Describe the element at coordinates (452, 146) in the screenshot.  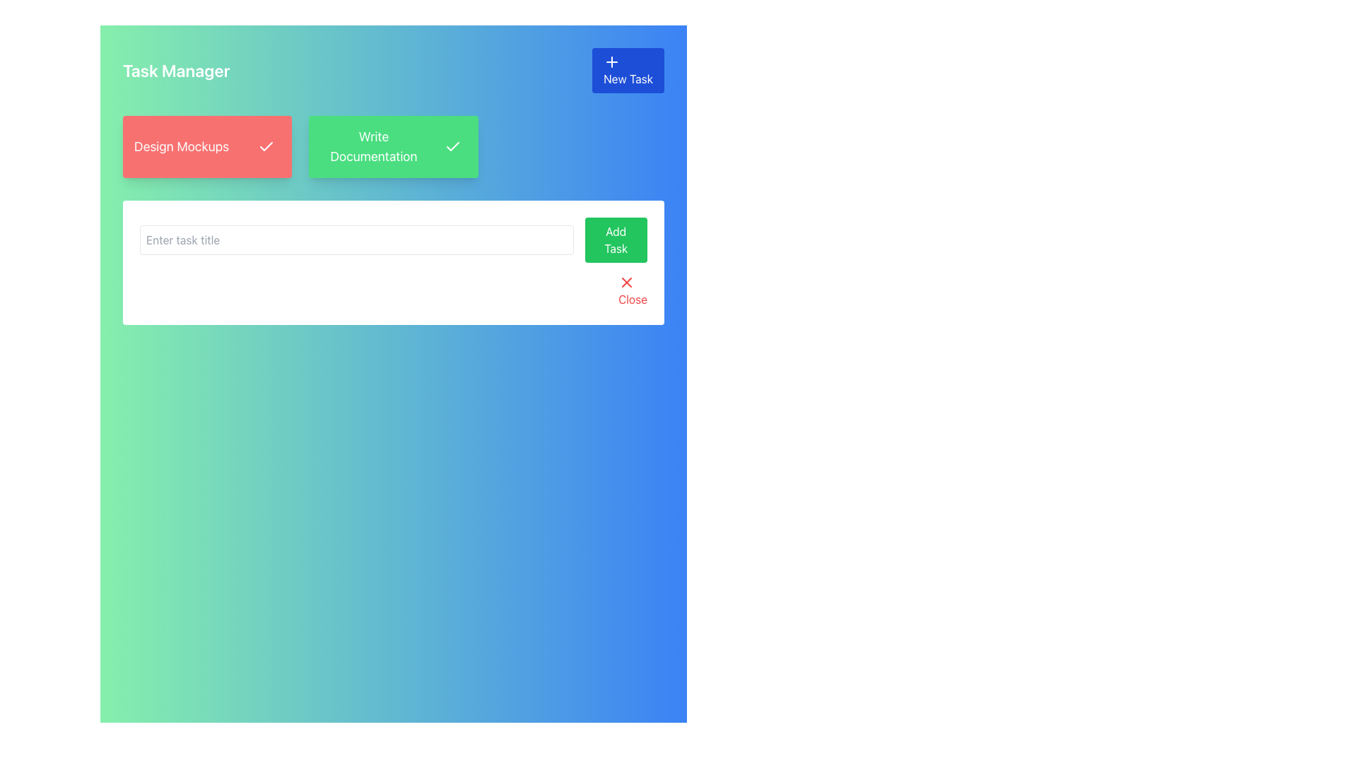
I see `the checkmark icon located on the right side of the 'Write Documentation' button, which indicates selection or task completion` at that location.